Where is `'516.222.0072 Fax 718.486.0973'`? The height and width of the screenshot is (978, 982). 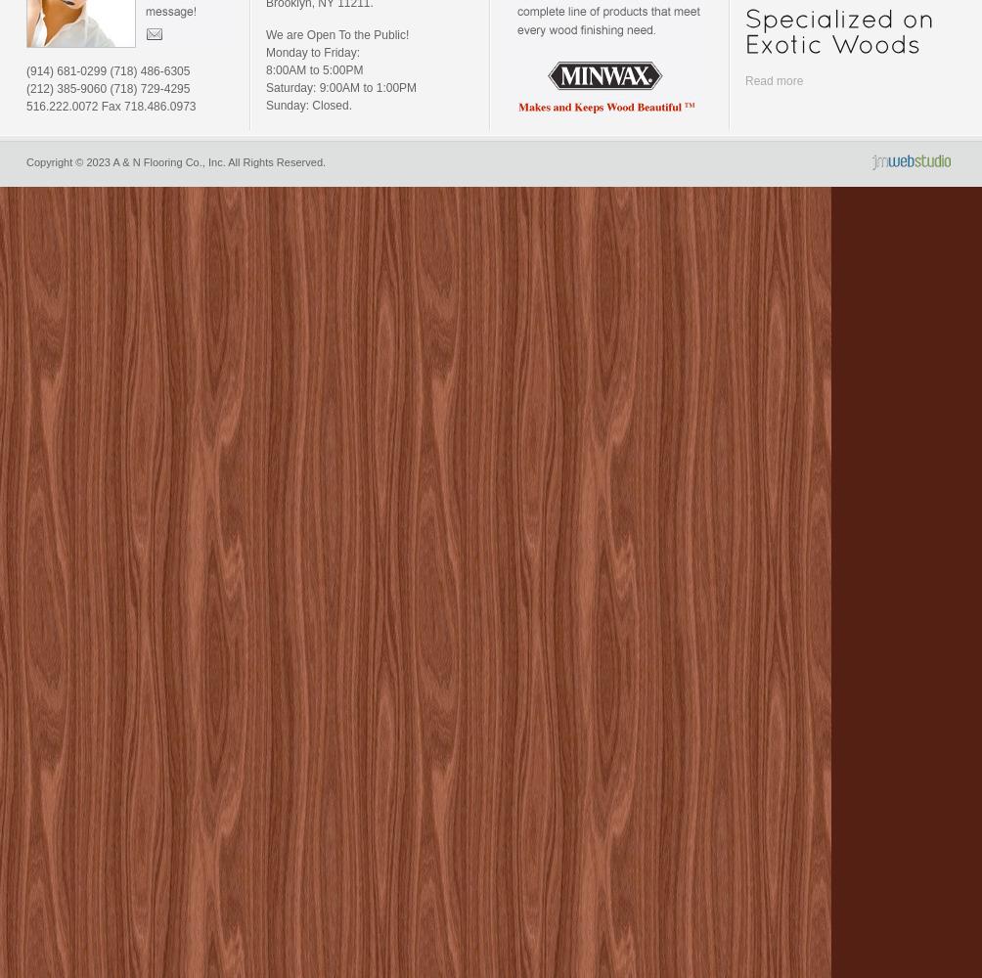 '516.222.0072 Fax 718.486.0973' is located at coordinates (111, 106).